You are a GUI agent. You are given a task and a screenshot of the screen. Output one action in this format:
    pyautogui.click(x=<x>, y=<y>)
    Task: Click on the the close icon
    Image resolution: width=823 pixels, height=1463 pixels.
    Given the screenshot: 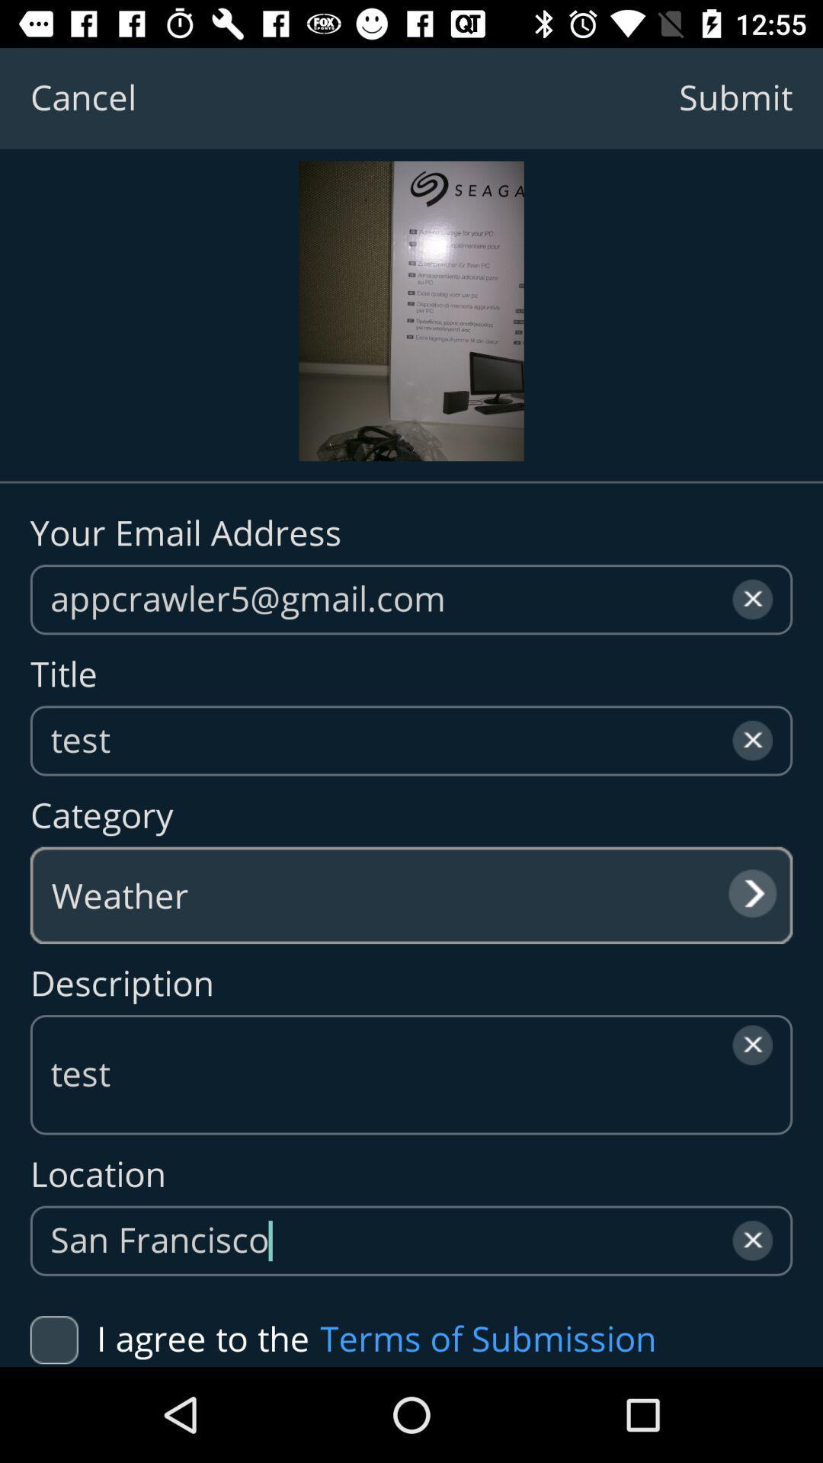 What is the action you would take?
    pyautogui.click(x=751, y=740)
    